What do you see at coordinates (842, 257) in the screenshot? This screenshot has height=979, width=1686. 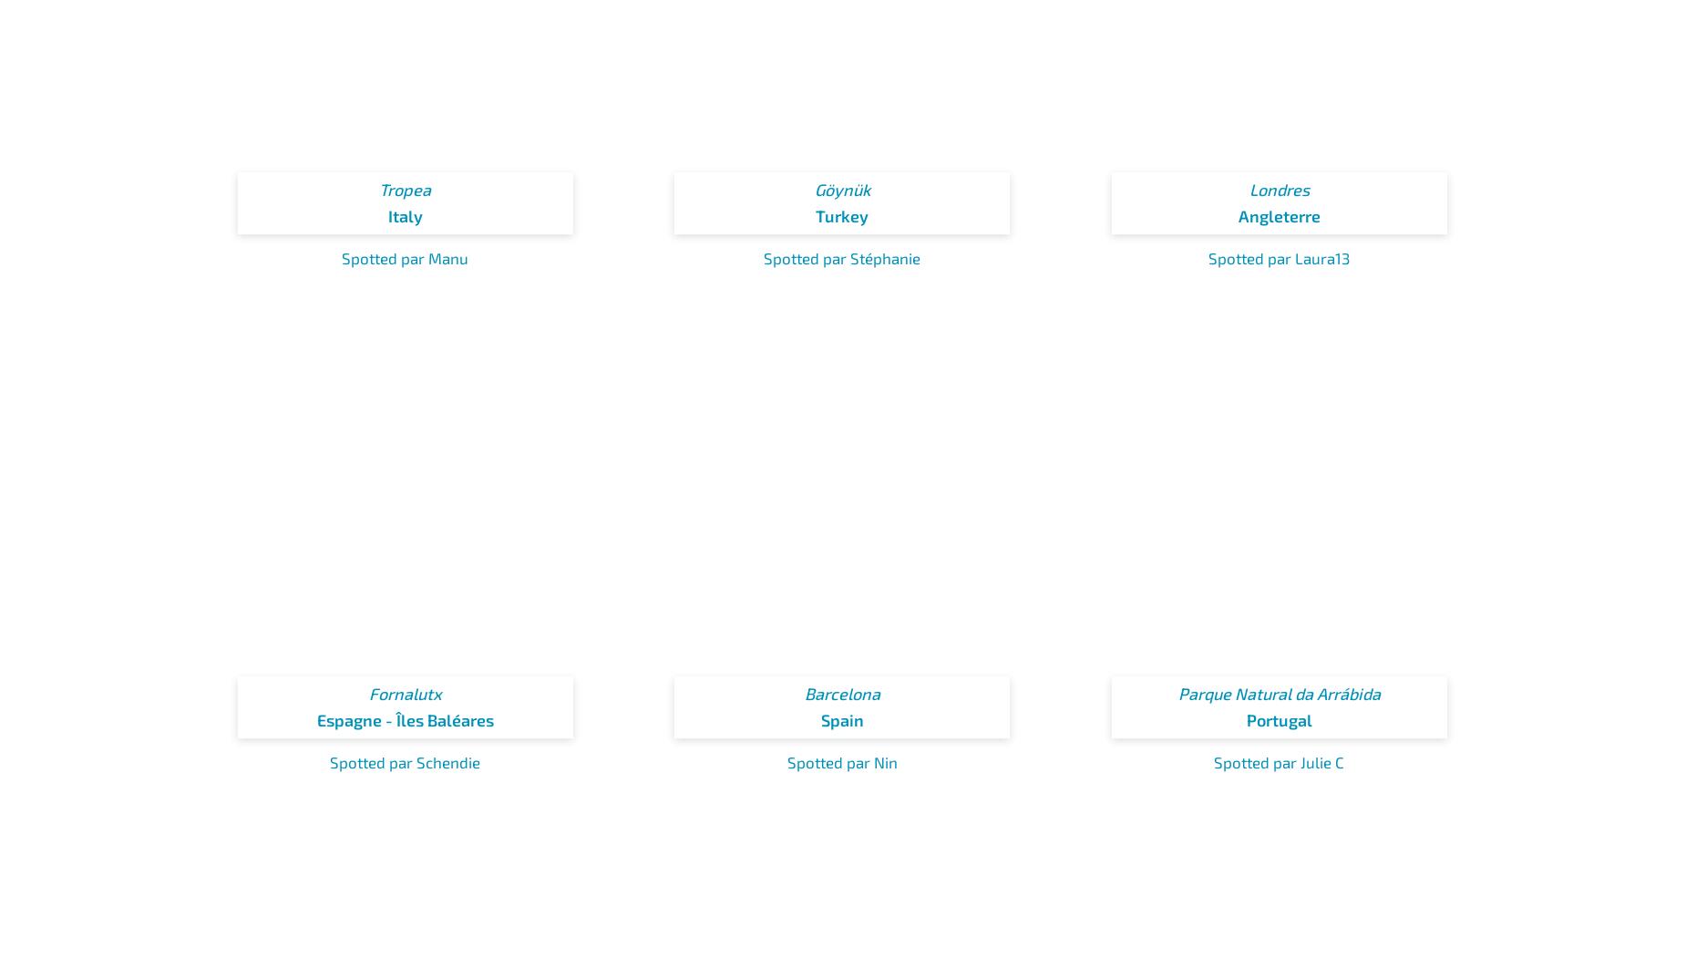 I see `'Spotted par Stéphanie'` at bounding box center [842, 257].